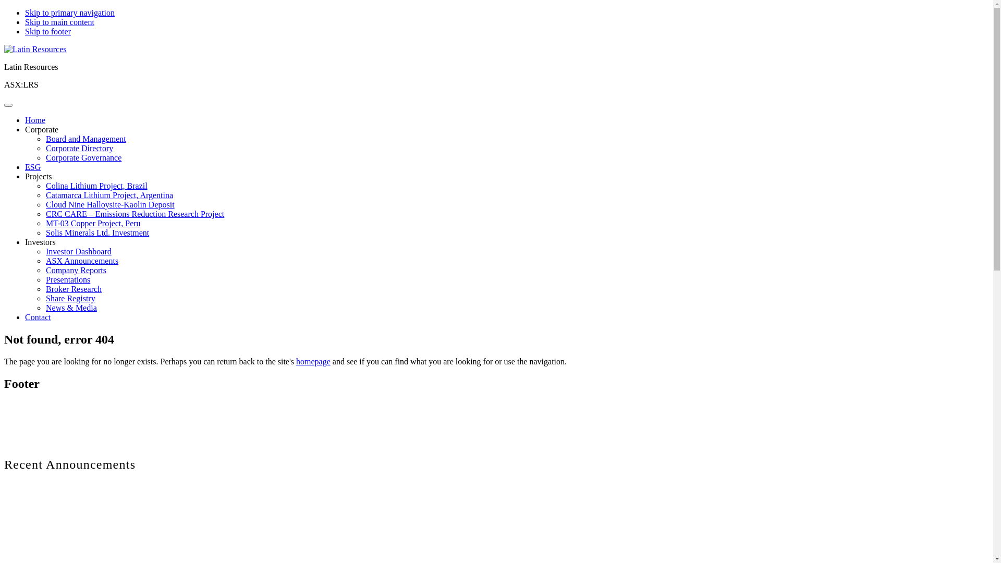 Image resolution: width=1001 pixels, height=563 pixels. I want to click on 'Skip to footer', so click(25, 31).